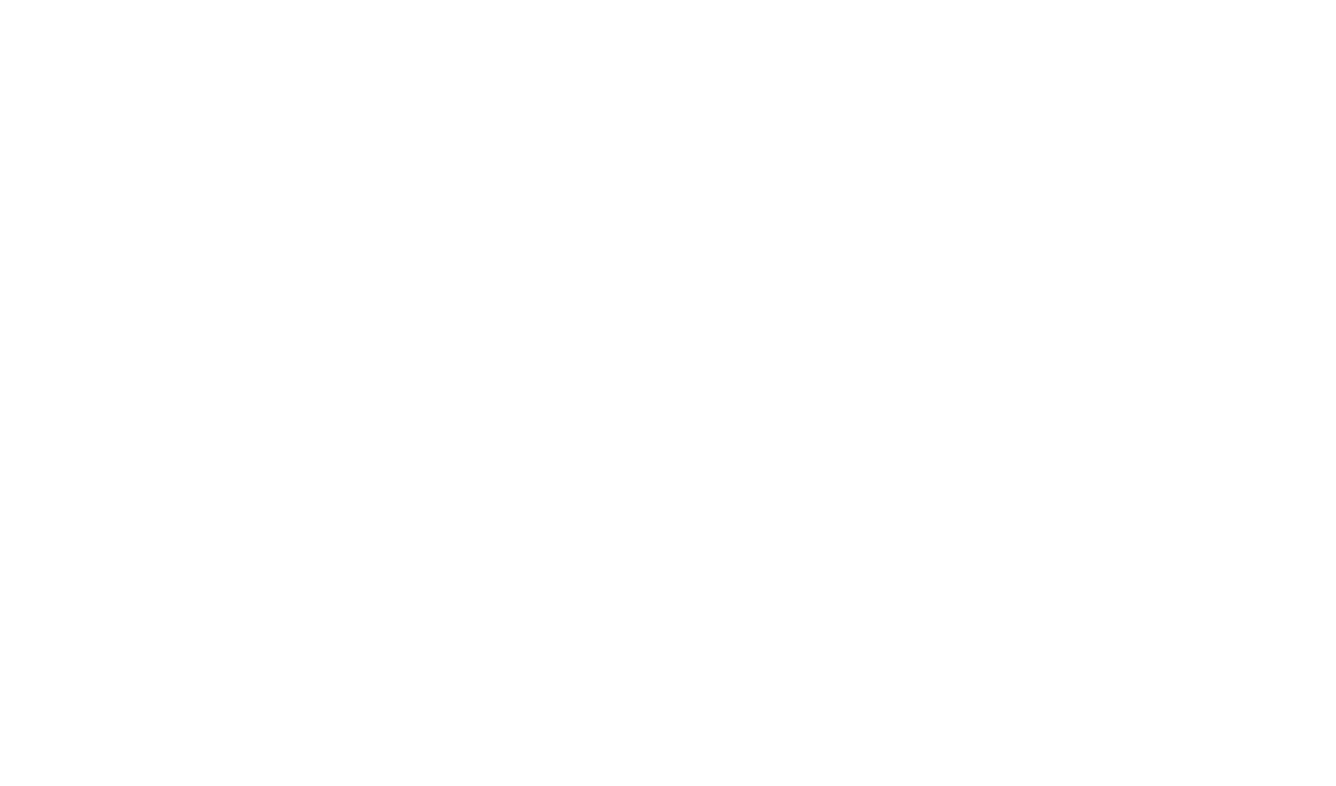 Image resolution: width=1336 pixels, height=786 pixels. What do you see at coordinates (865, 128) in the screenshot?
I see `'3 star hotel with pool Alsace'` at bounding box center [865, 128].